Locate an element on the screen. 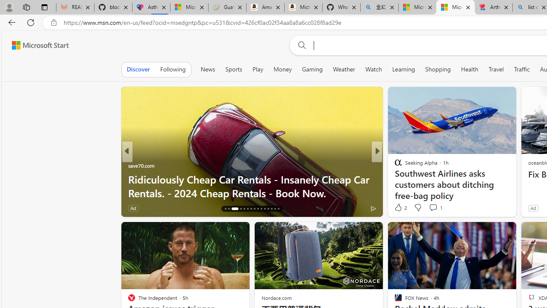 The width and height of the screenshot is (547, 308). 'AutomationID: tab-30' is located at coordinates (278, 209).